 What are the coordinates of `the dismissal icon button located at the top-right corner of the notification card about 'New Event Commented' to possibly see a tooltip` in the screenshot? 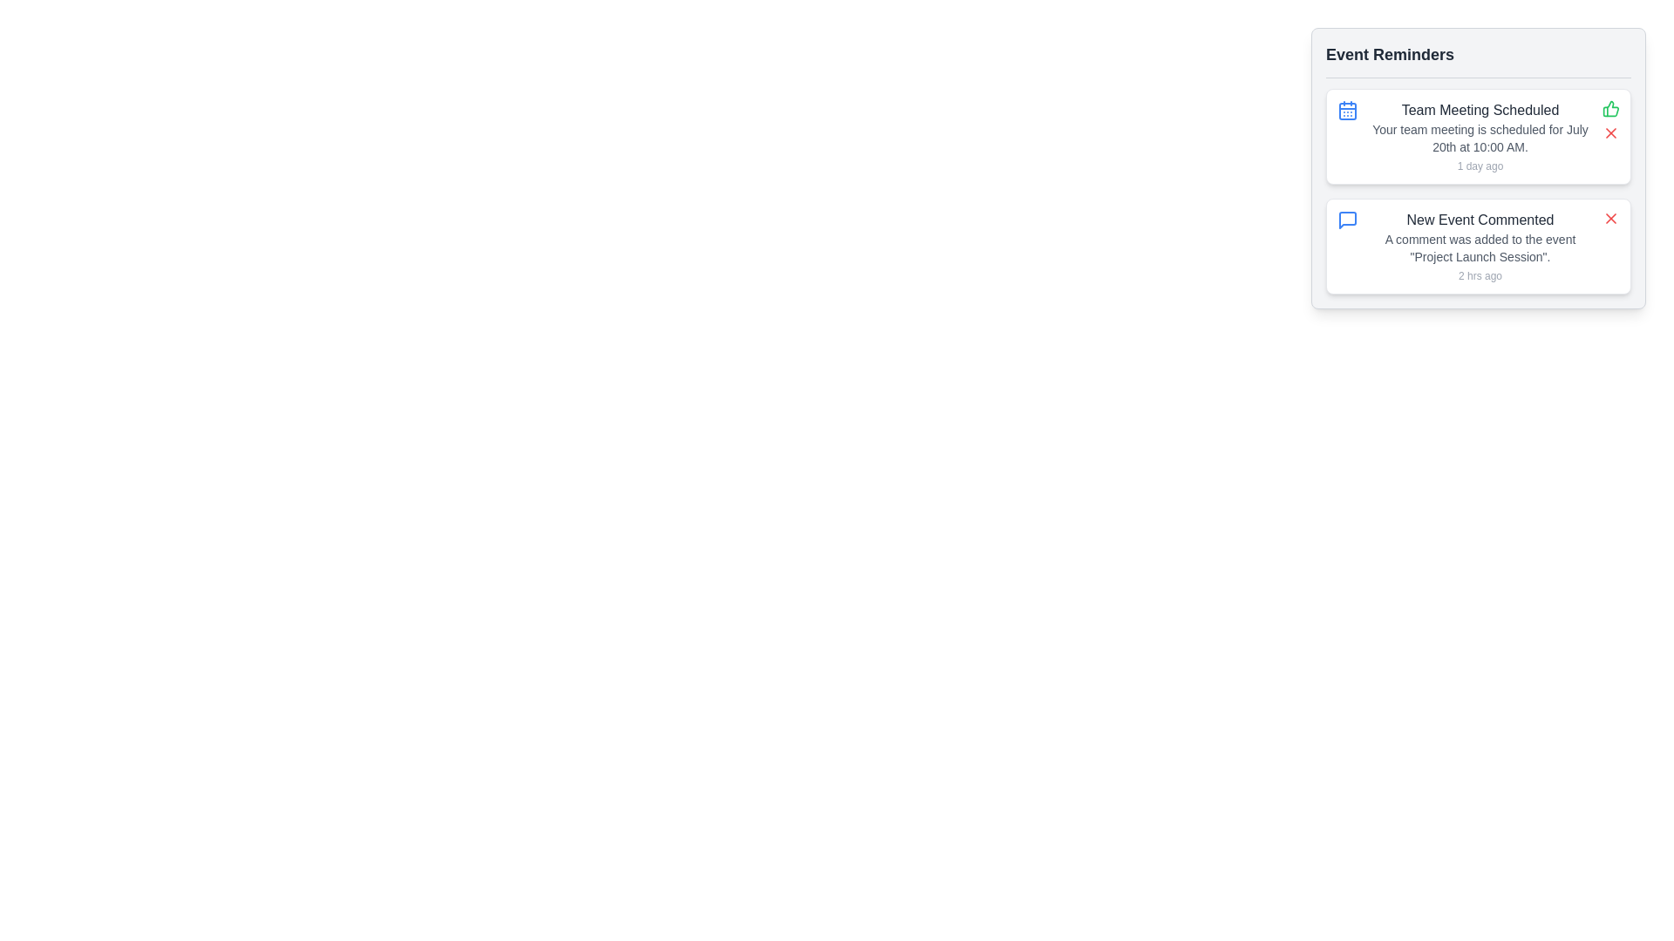 It's located at (1610, 217).